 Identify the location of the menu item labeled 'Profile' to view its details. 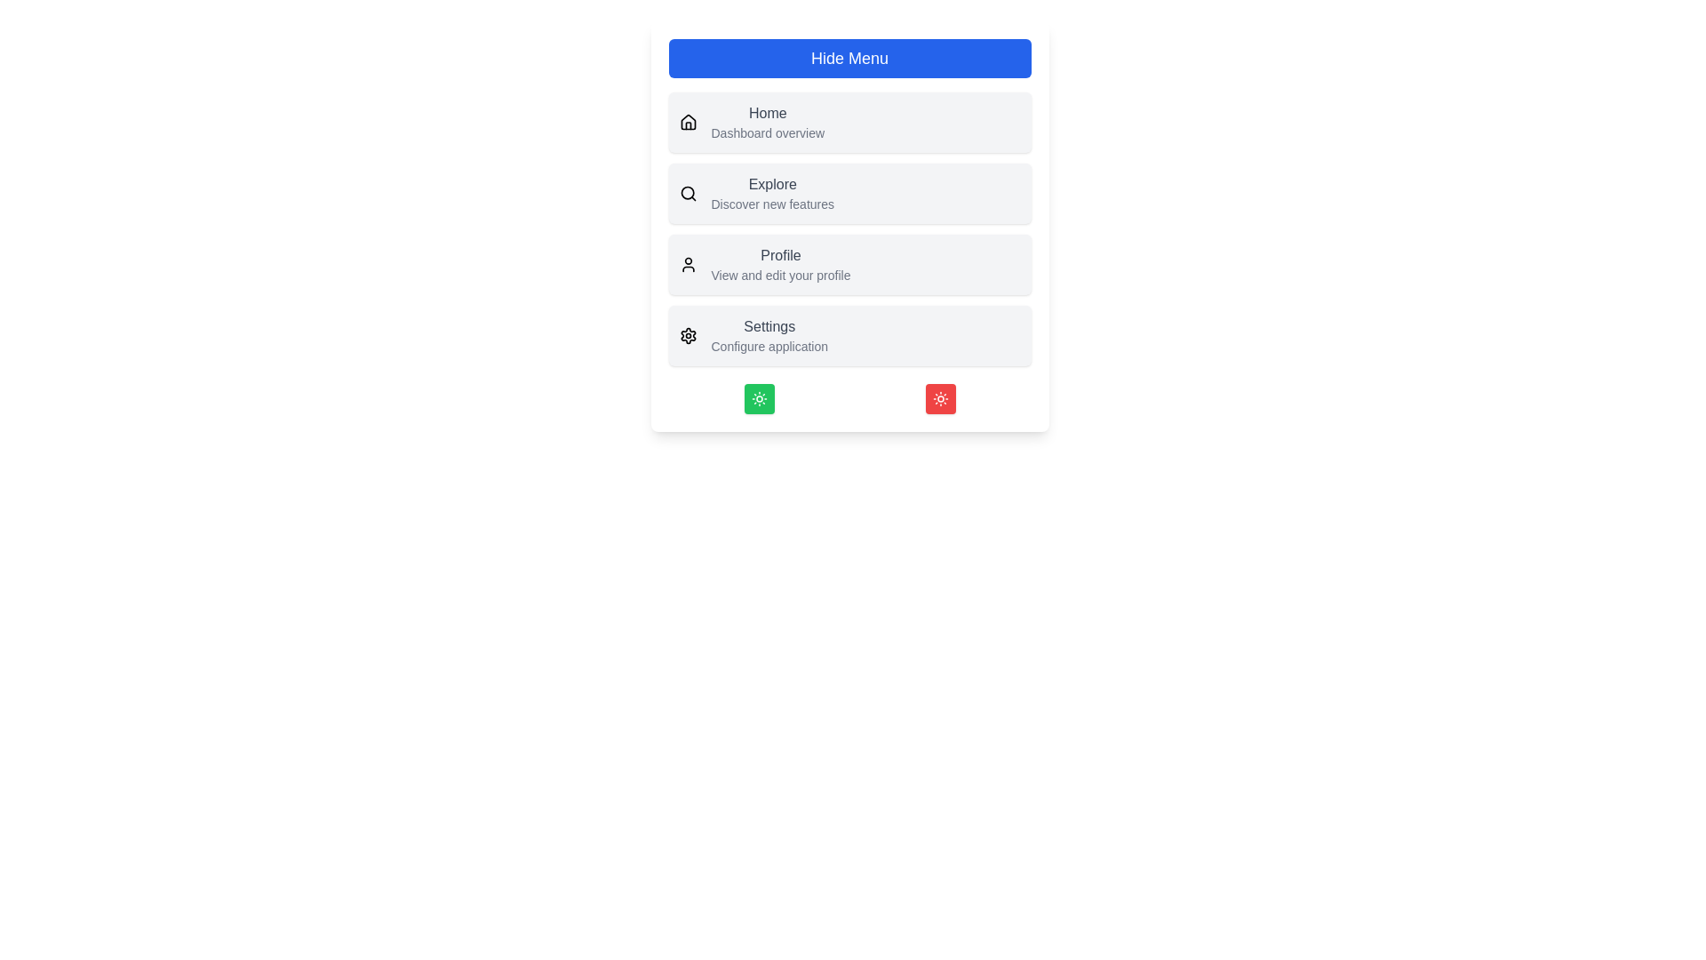
(780, 256).